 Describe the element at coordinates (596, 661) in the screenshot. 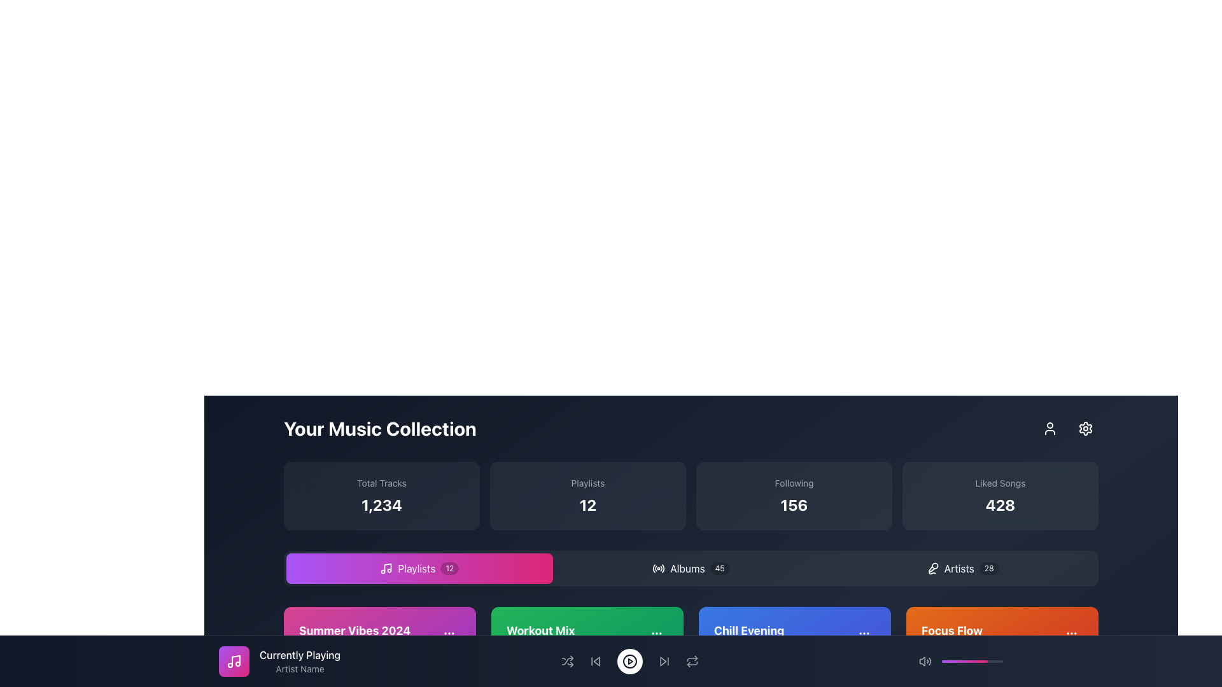

I see `the backward navigation or skip button located in the bottom control bar` at that location.